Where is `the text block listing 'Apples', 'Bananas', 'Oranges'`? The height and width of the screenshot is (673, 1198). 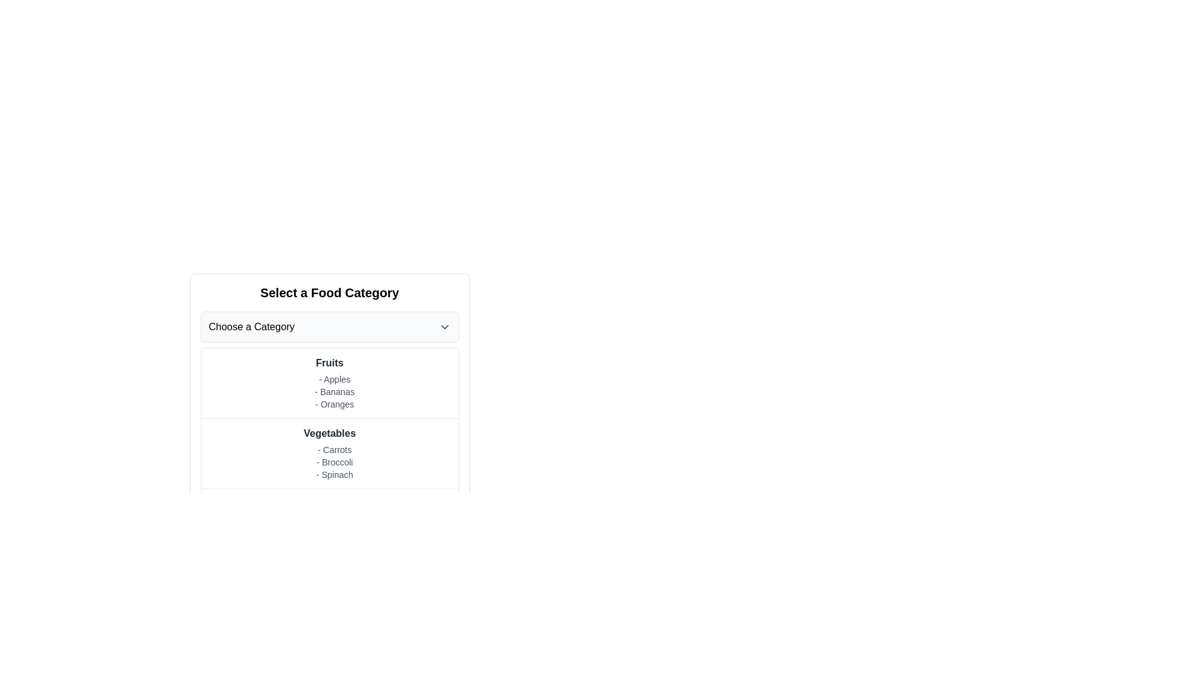
the text block listing 'Apples', 'Bananas', 'Oranges' is located at coordinates (329, 390).